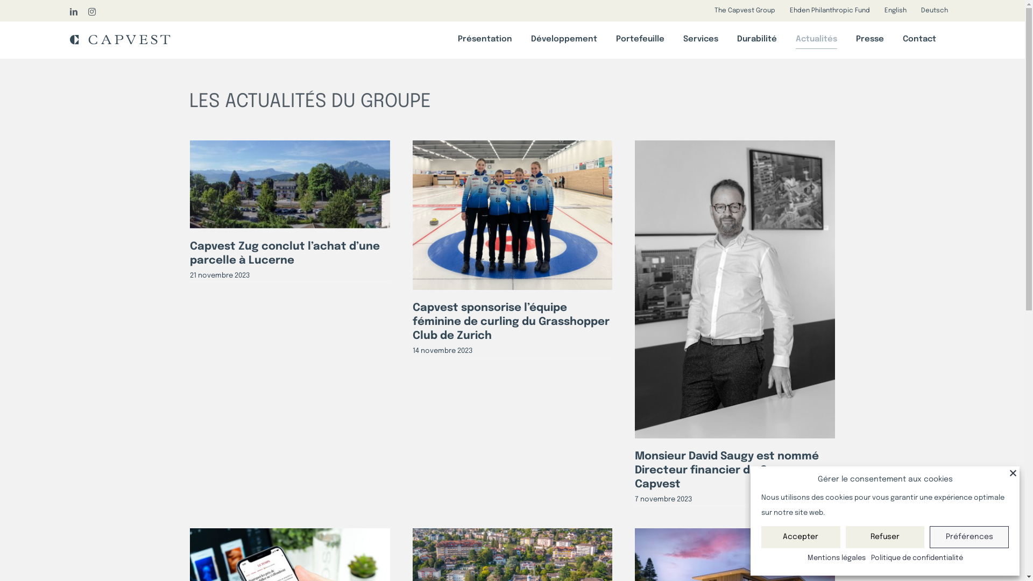  What do you see at coordinates (934, 10) in the screenshot?
I see `'Deutsch'` at bounding box center [934, 10].